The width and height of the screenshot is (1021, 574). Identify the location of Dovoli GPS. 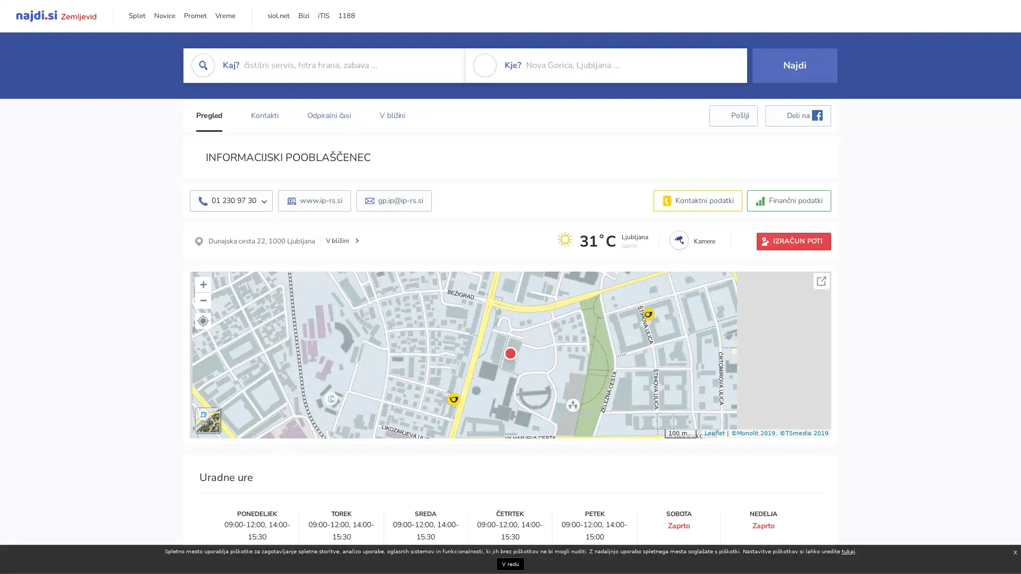
(203, 319).